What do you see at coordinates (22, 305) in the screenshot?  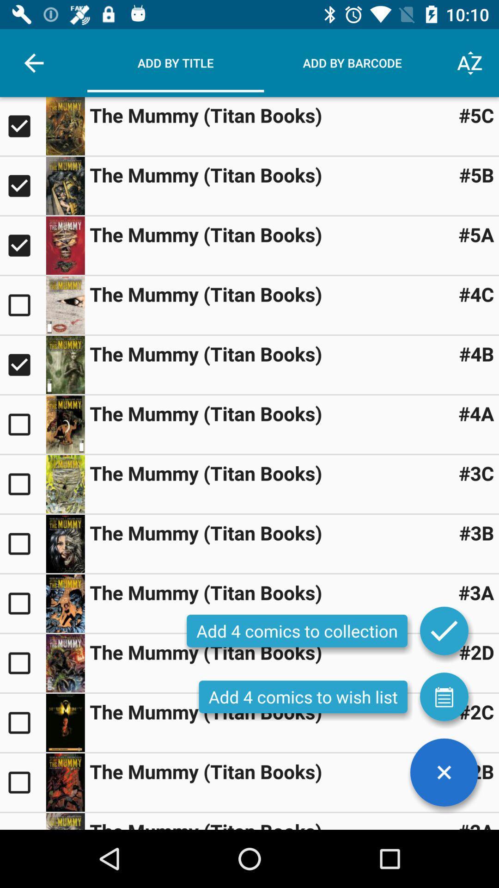 I see `a book that you read` at bounding box center [22, 305].